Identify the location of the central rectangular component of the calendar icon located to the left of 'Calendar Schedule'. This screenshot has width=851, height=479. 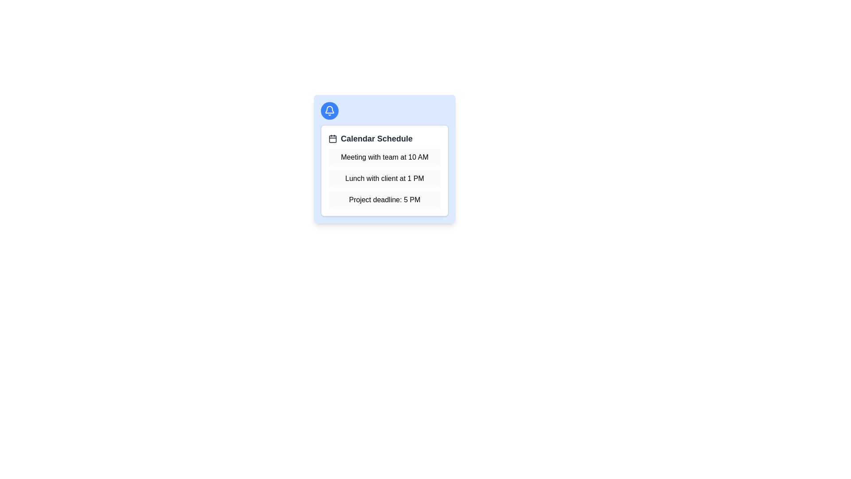
(332, 138).